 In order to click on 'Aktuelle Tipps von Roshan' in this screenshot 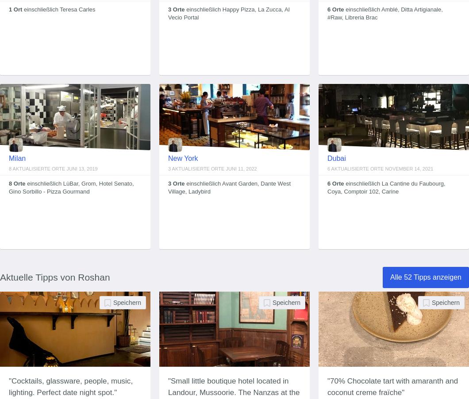, I will do `click(55, 277)`.